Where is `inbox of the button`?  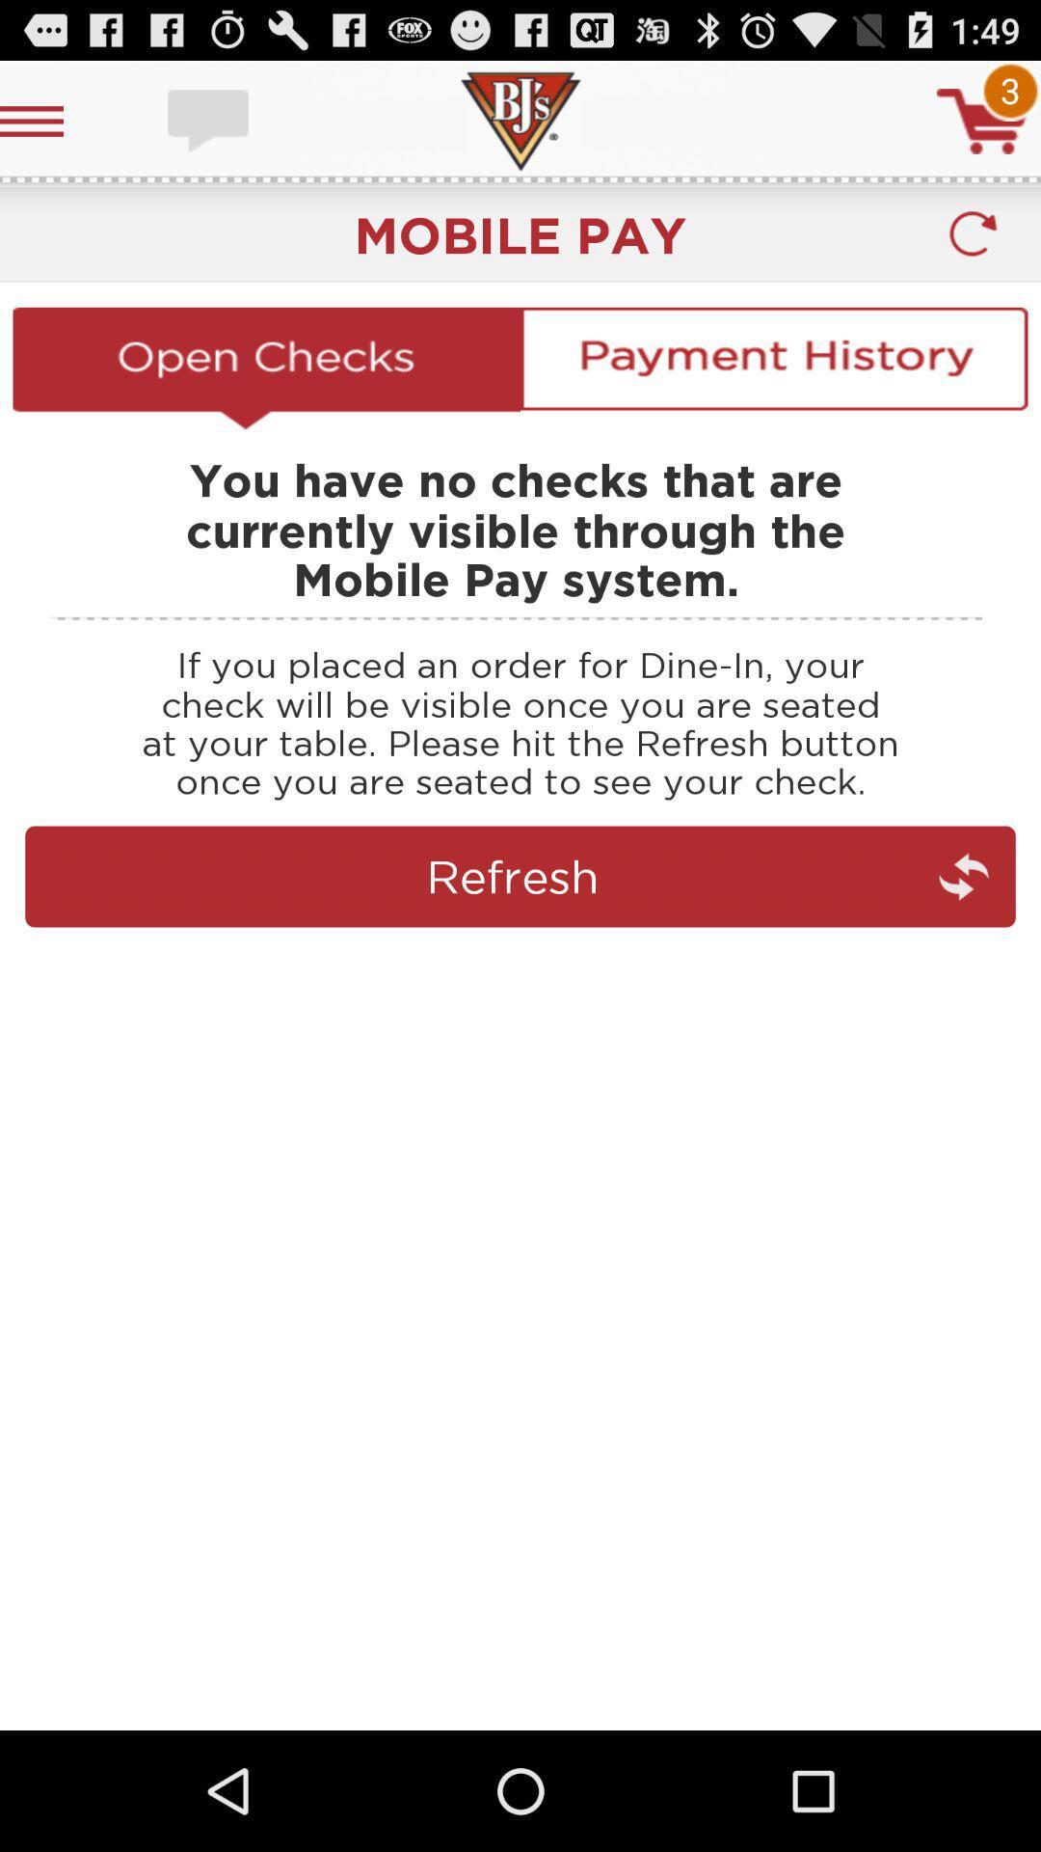
inbox of the button is located at coordinates (210, 120).